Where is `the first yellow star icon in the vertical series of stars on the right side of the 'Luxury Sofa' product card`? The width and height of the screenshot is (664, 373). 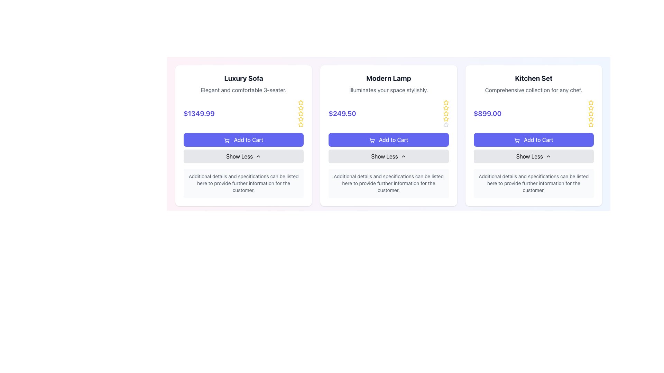
the first yellow star icon in the vertical series of stars on the right side of the 'Luxury Sofa' product card is located at coordinates (301, 103).